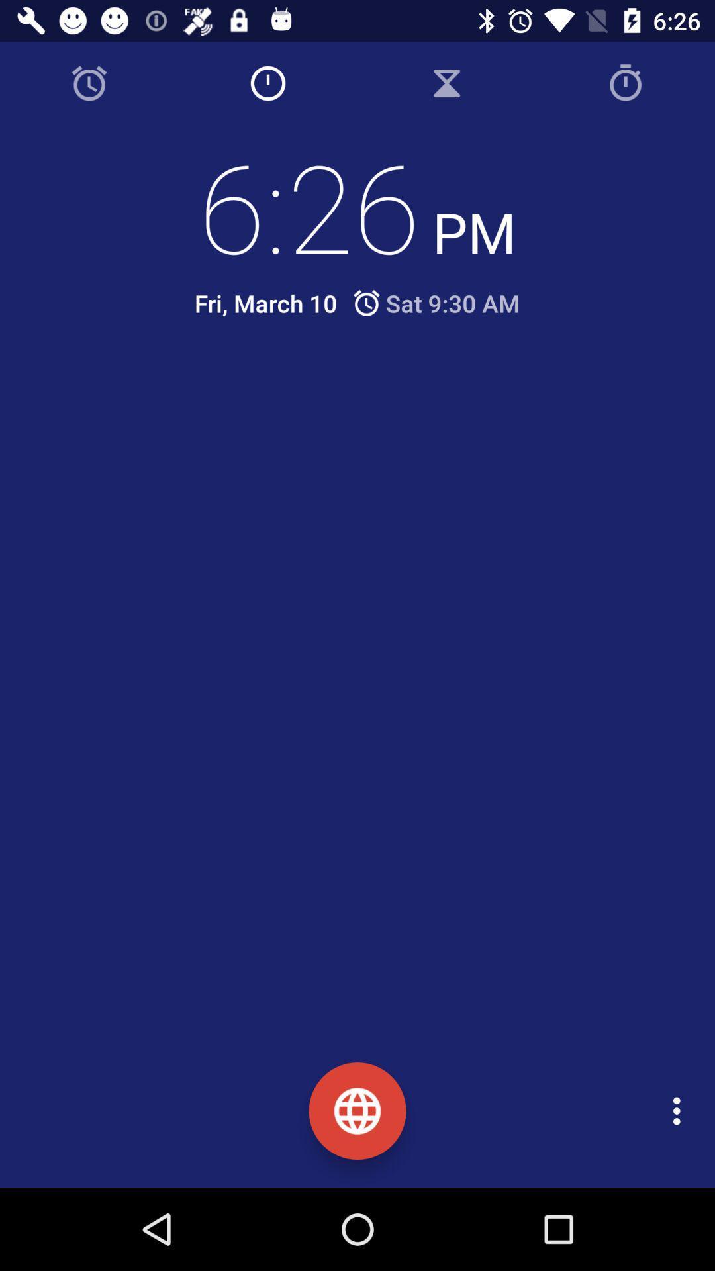 This screenshot has width=715, height=1271. I want to click on the item next to fri, march 10 item, so click(435, 303).